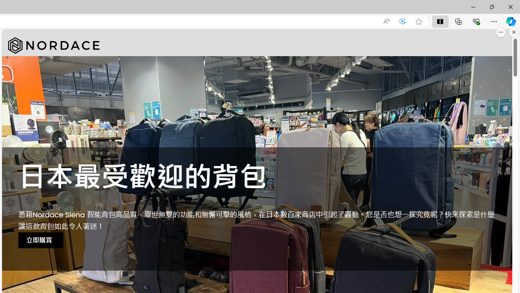 The height and width of the screenshot is (293, 520). Describe the element at coordinates (403, 21) in the screenshot. I see `'Enhance video'` at that location.